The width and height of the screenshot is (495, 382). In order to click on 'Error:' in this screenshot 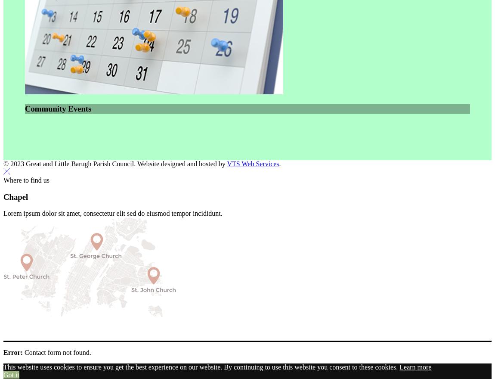, I will do `click(12, 352)`.